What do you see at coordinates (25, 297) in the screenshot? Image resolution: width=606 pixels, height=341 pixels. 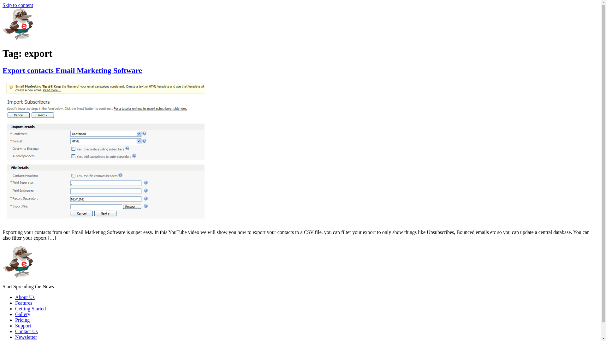 I see `'About Us'` at bounding box center [25, 297].